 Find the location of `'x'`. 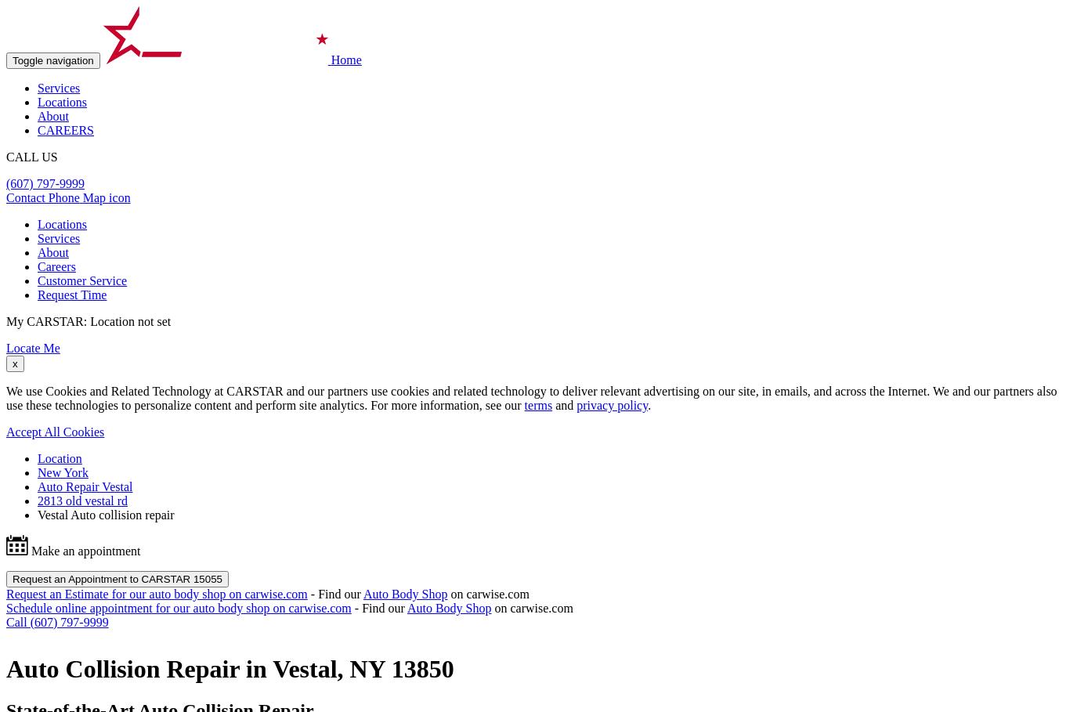

'x' is located at coordinates (14, 363).